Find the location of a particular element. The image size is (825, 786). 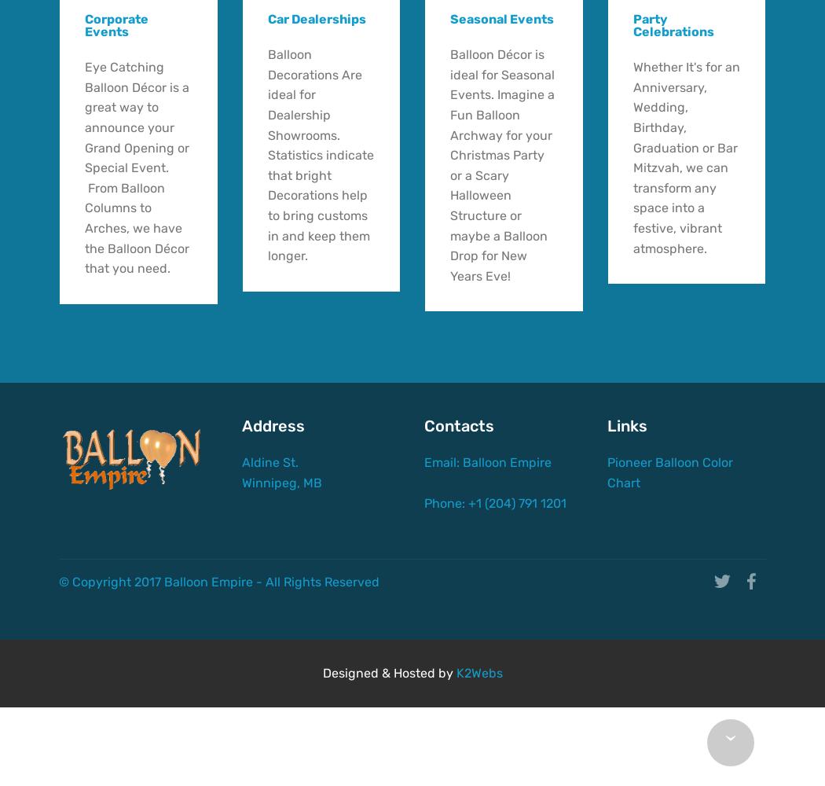

'Pioneer Balloon Color Chart' is located at coordinates (669, 472).